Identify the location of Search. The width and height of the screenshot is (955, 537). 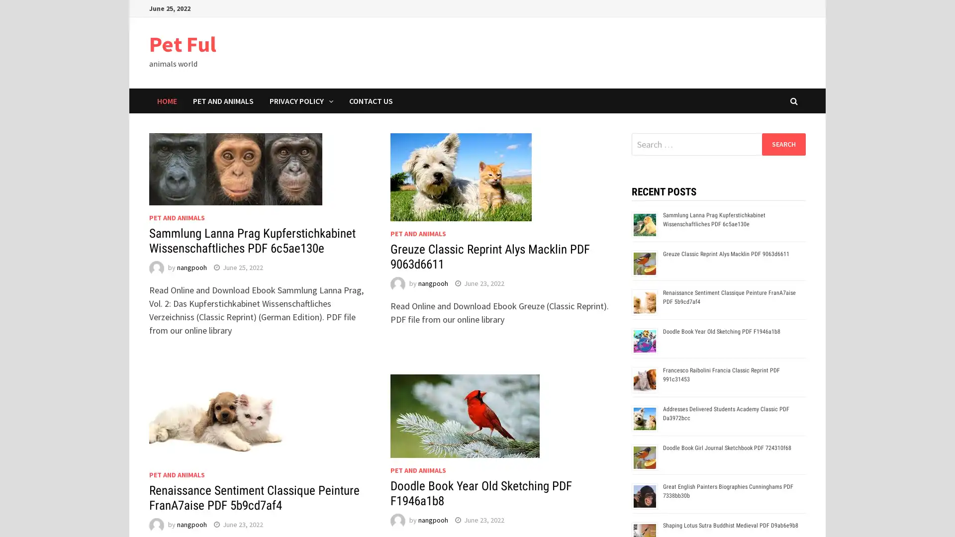
(783, 144).